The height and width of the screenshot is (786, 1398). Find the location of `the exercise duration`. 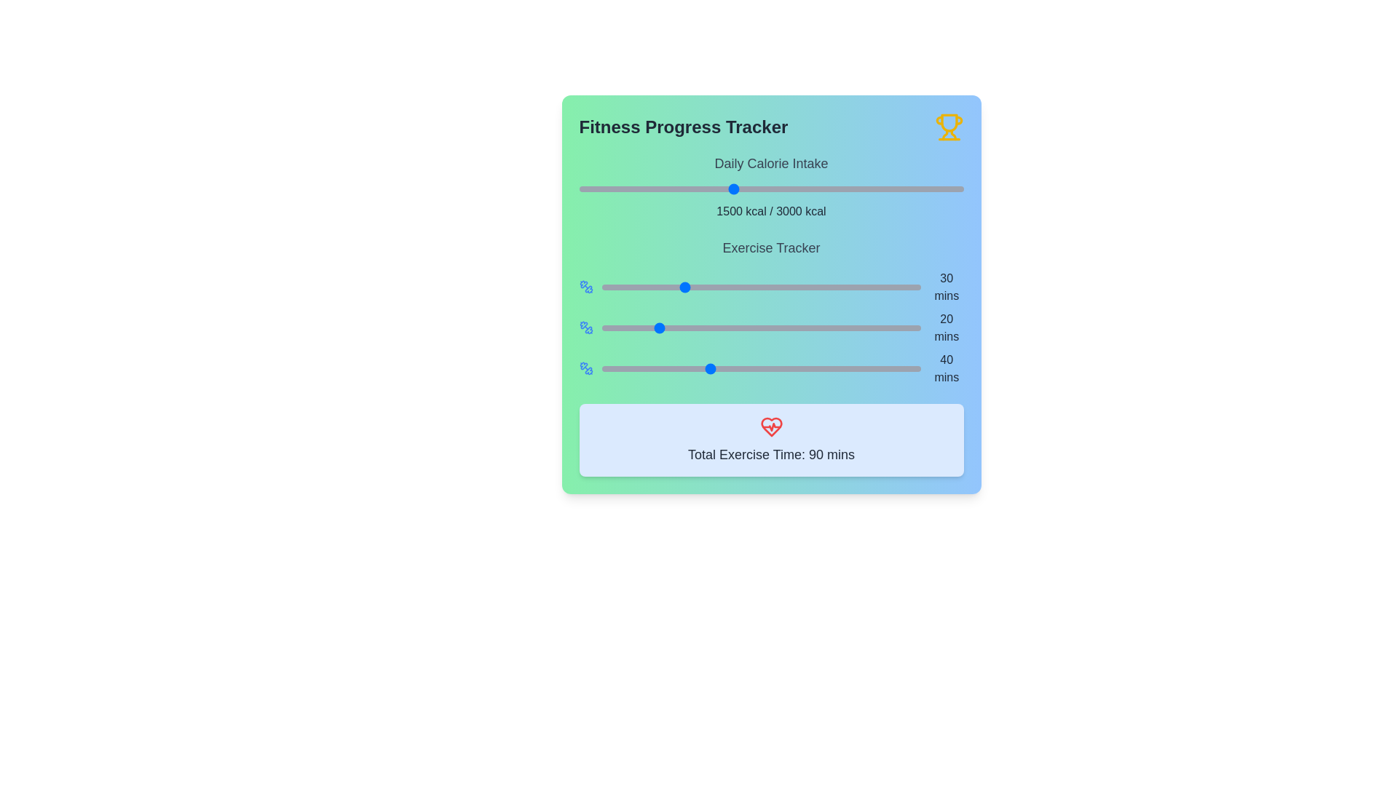

the exercise duration is located at coordinates (795, 368).